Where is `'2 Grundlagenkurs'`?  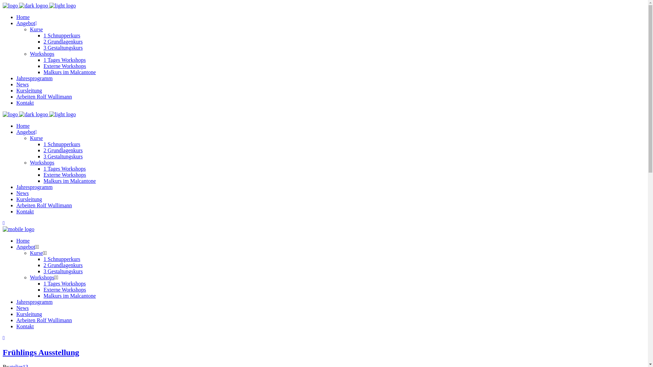
'2 Grundlagenkurs' is located at coordinates (63, 150).